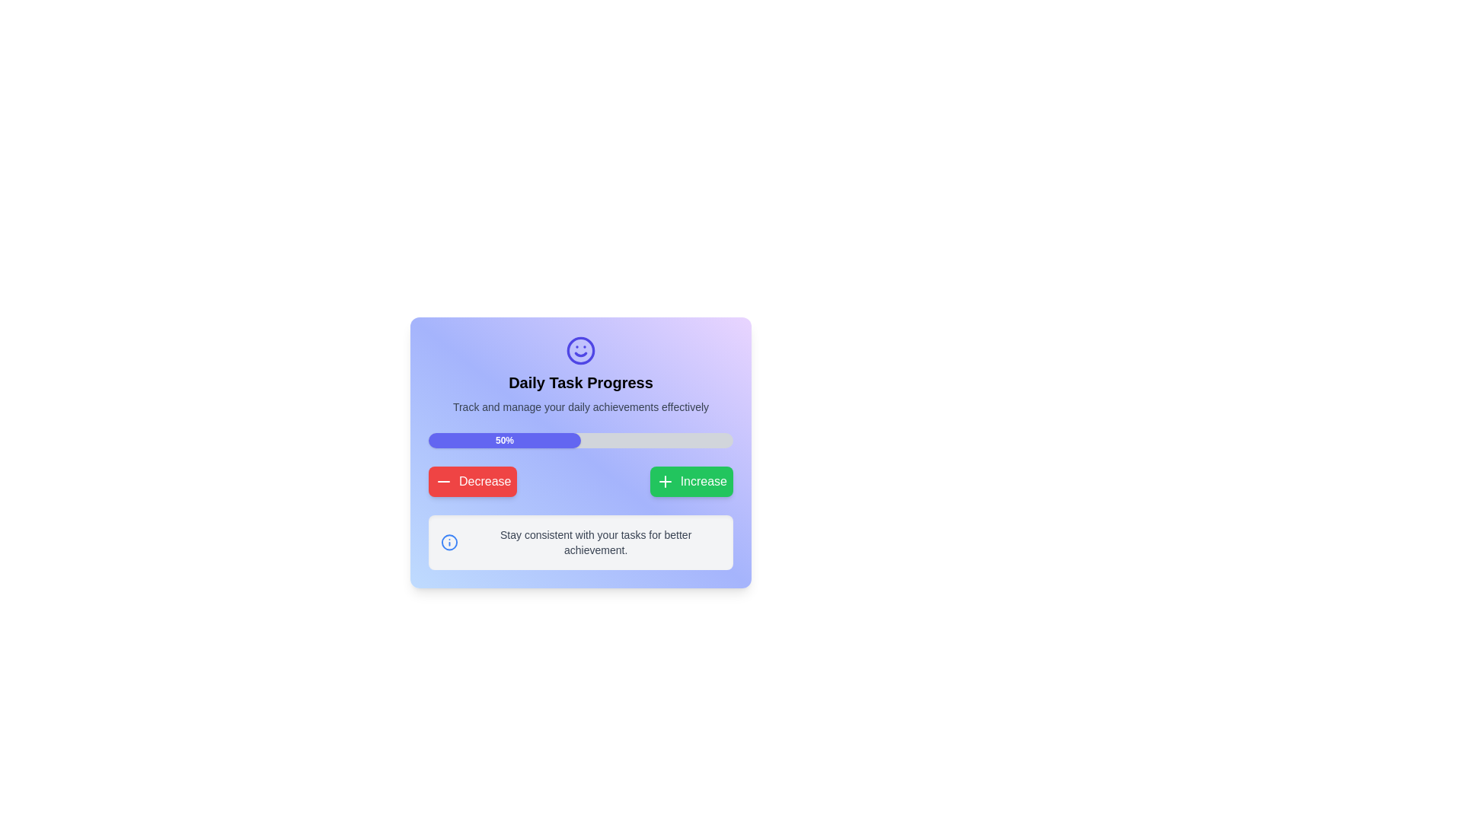 The width and height of the screenshot is (1462, 822). Describe the element at coordinates (580, 440) in the screenshot. I see `the horizontal progress bar indicating 50% completion, which is centrally located under the title 'Daily Task Progress' and above the 'Decrease' and 'Increase' buttons` at that location.